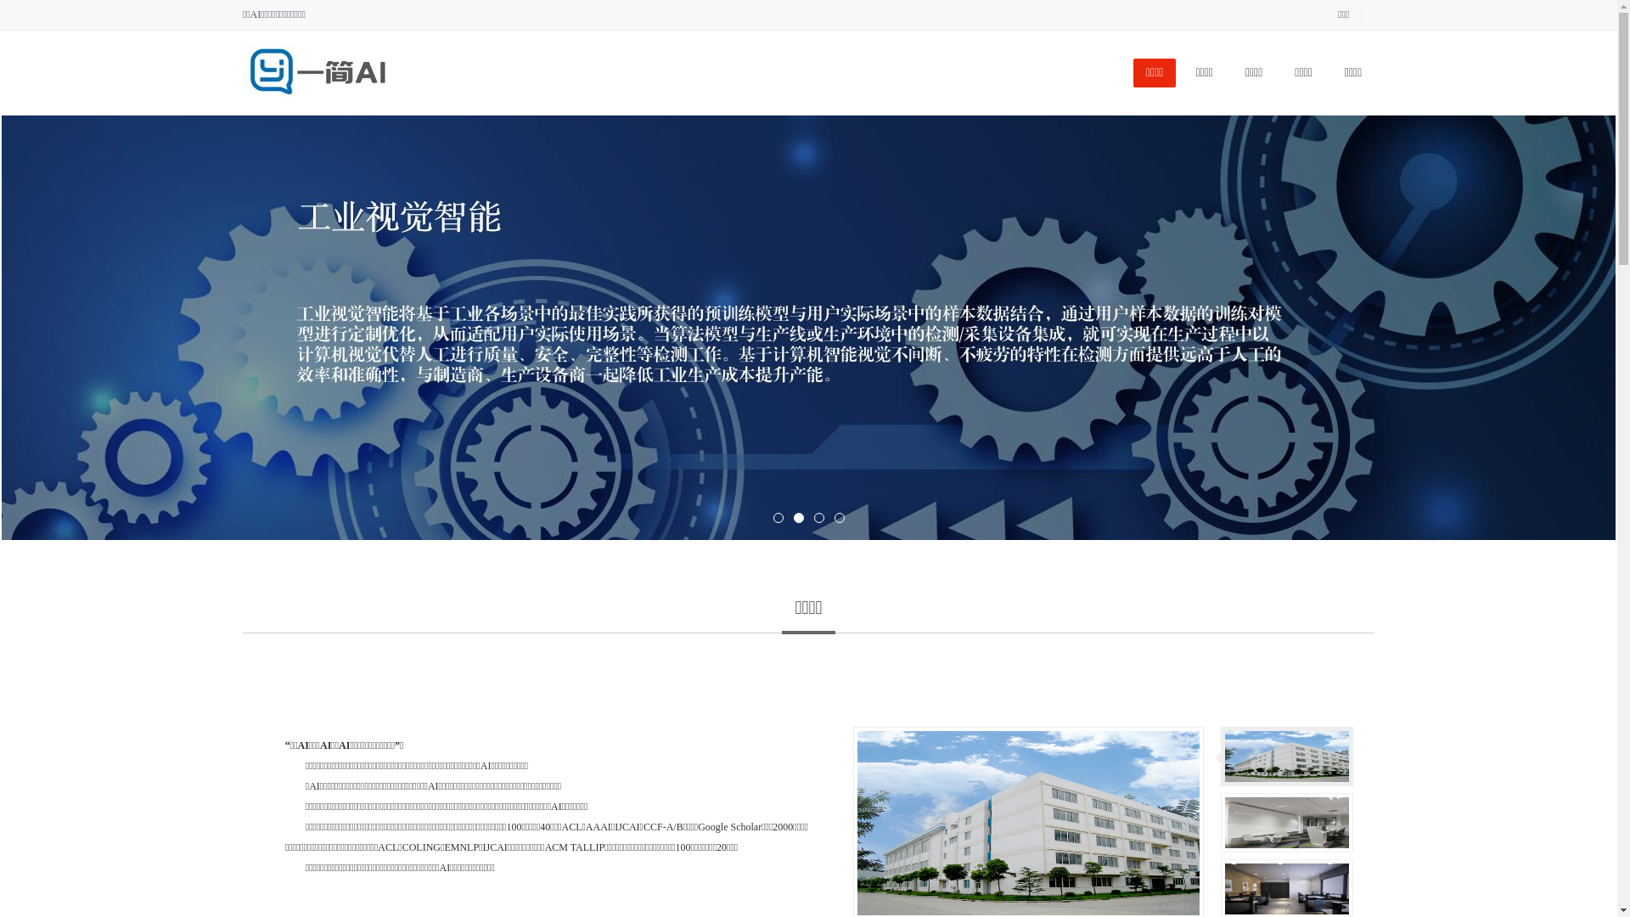  What do you see at coordinates (834, 516) in the screenshot?
I see `'4'` at bounding box center [834, 516].